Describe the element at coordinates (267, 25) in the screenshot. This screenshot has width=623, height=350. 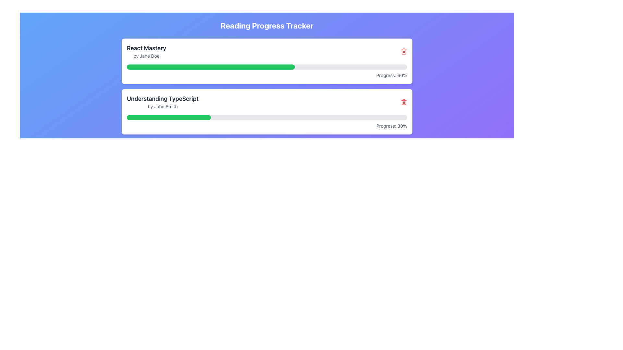
I see `the main heading text element indicating 'Reading Progress Tracker' located at the top of the interface` at that location.